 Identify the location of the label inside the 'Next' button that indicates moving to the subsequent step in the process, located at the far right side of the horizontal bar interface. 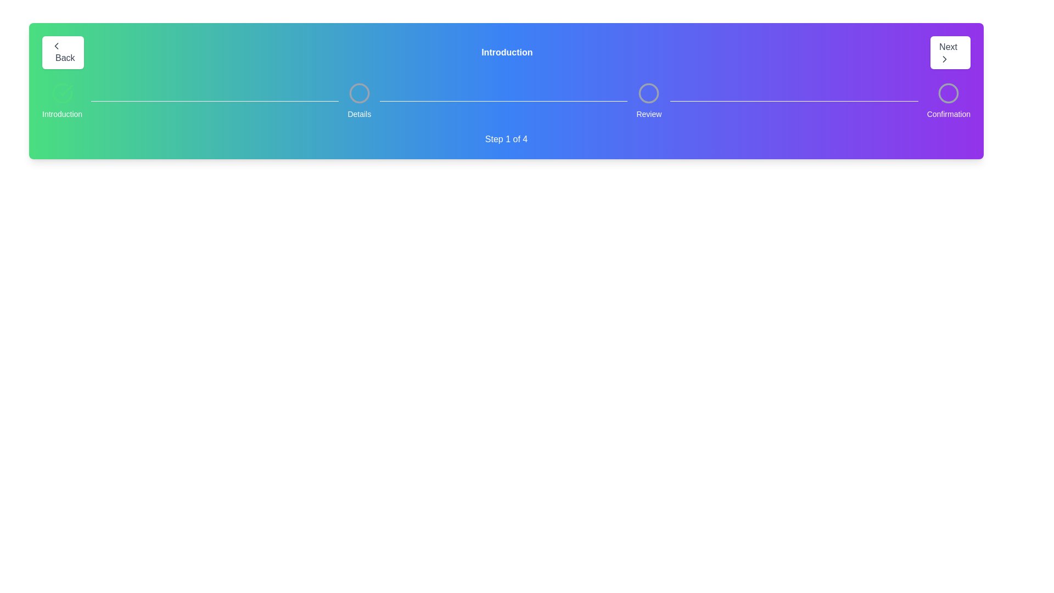
(948, 46).